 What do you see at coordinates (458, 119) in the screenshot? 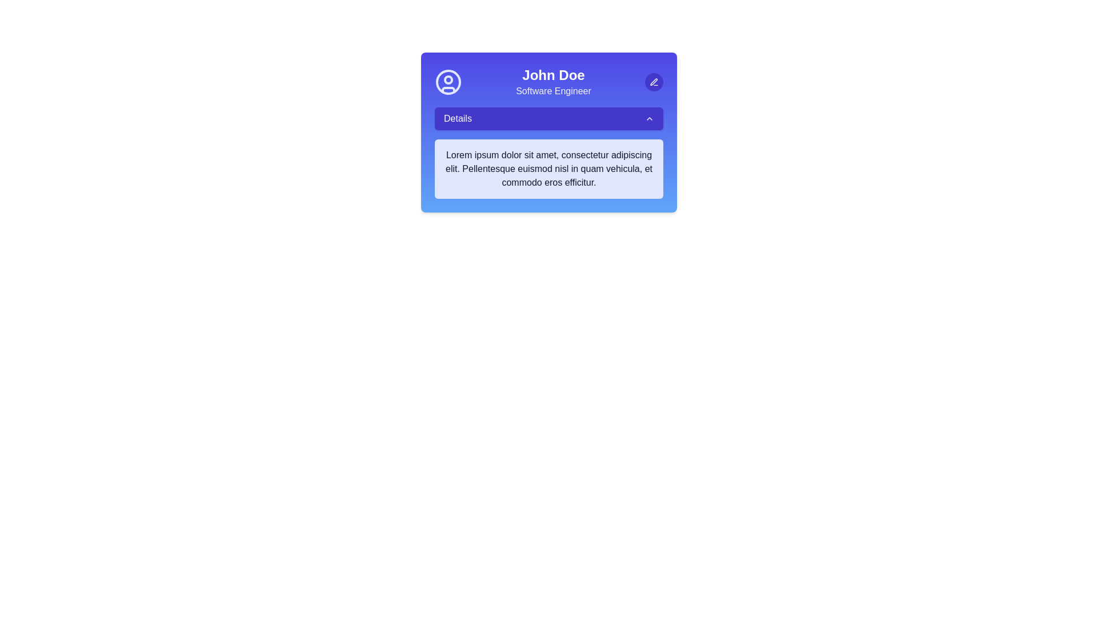
I see `the Text label located in the top-left corner of the button bar within the profile card layout, which indicates that clicking the associated button will reveal more details` at bounding box center [458, 119].